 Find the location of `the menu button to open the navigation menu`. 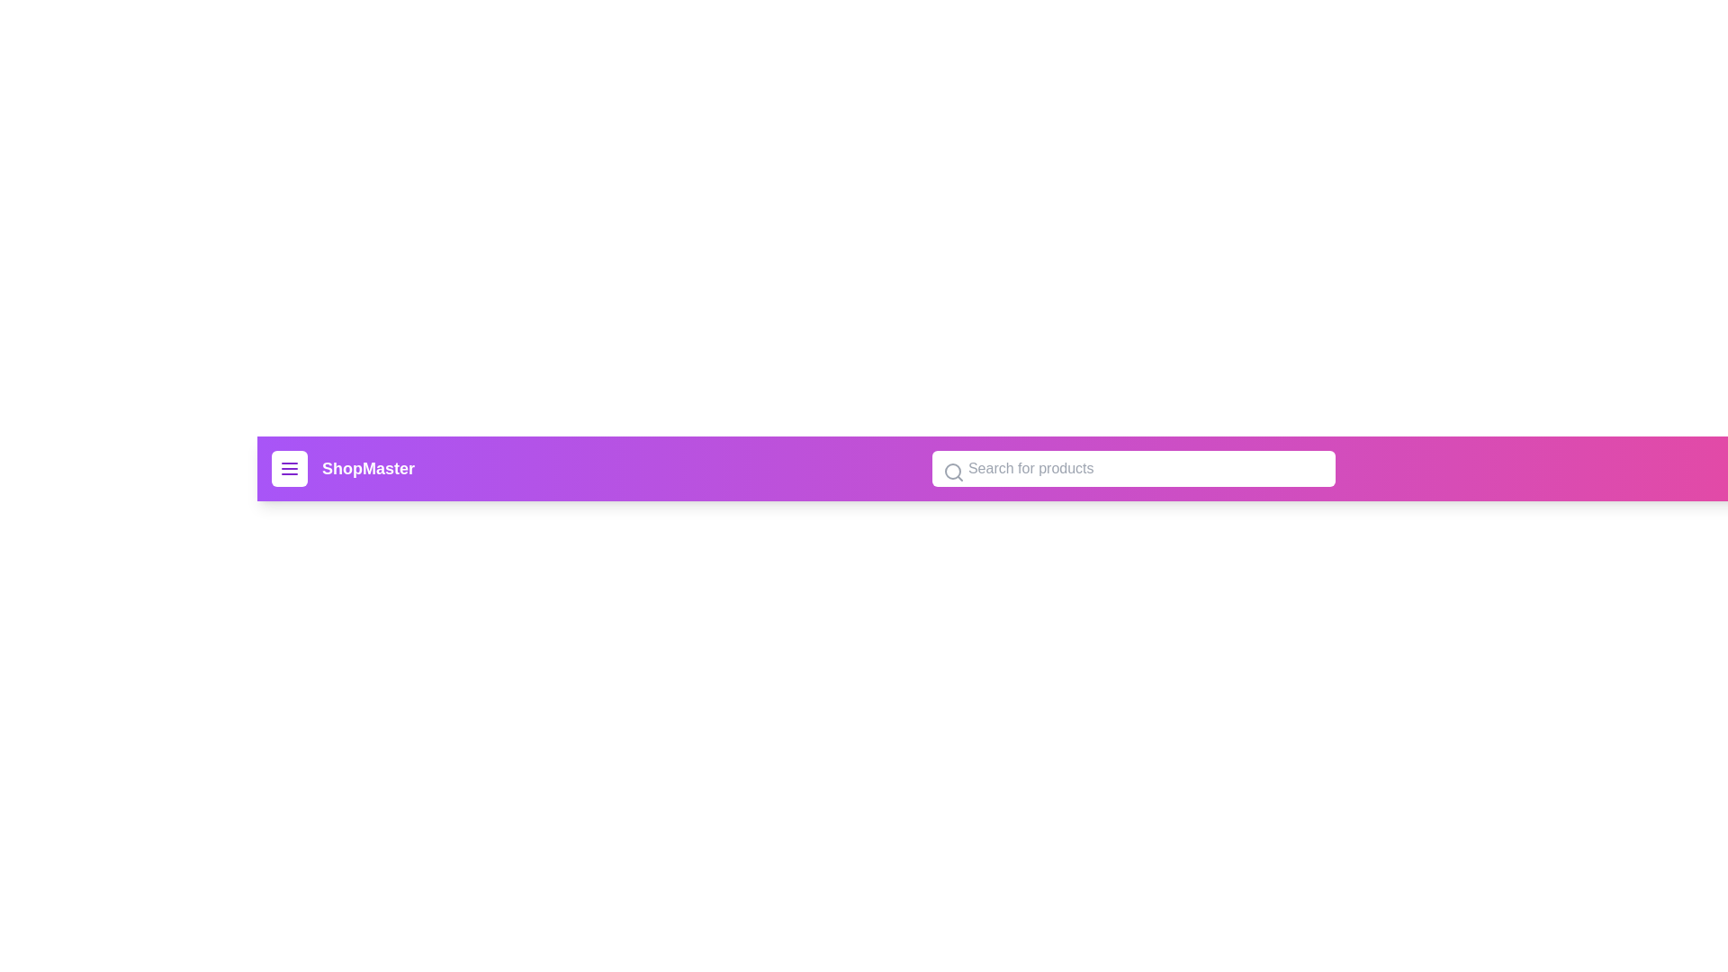

the menu button to open the navigation menu is located at coordinates (289, 467).